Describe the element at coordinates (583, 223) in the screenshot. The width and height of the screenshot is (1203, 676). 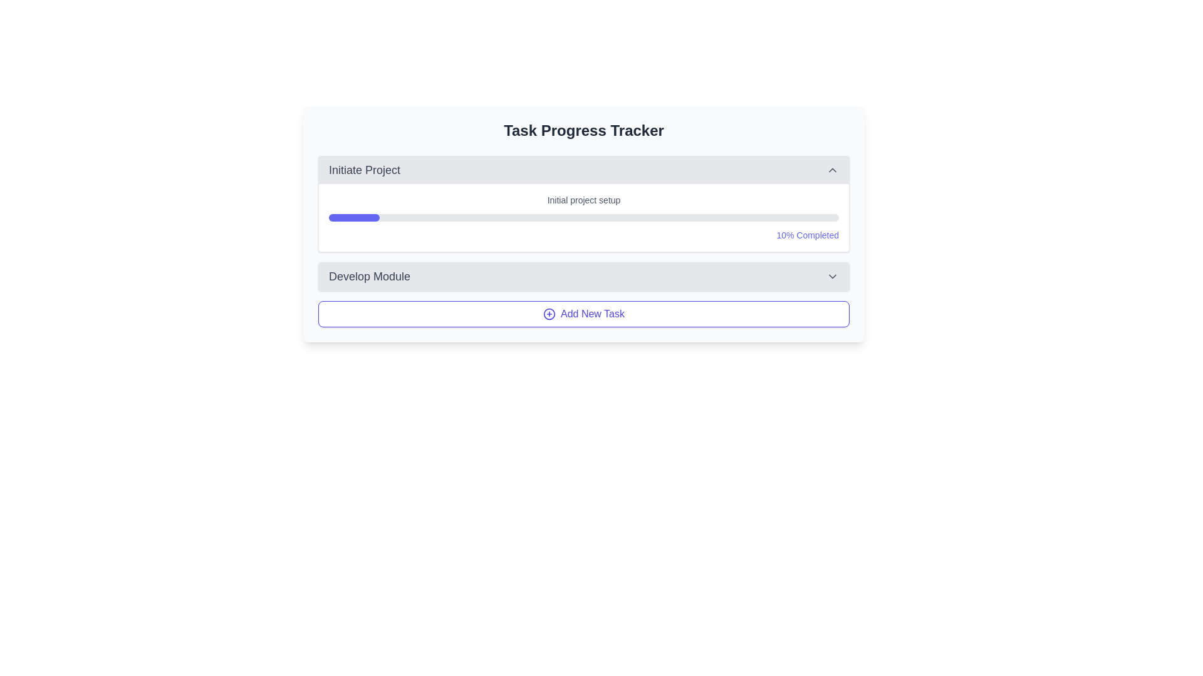
I see `the progress bar within the Card component that displays task tracking information` at that location.